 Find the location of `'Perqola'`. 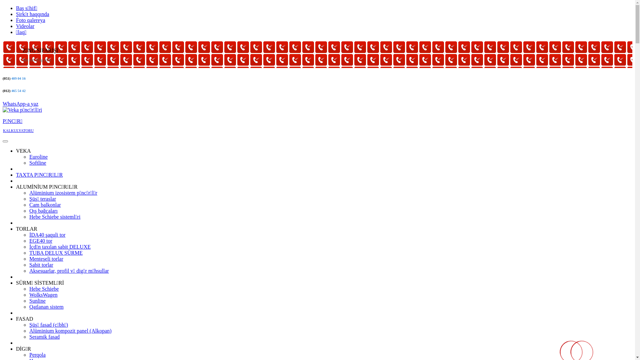

'Perqola' is located at coordinates (37, 354).